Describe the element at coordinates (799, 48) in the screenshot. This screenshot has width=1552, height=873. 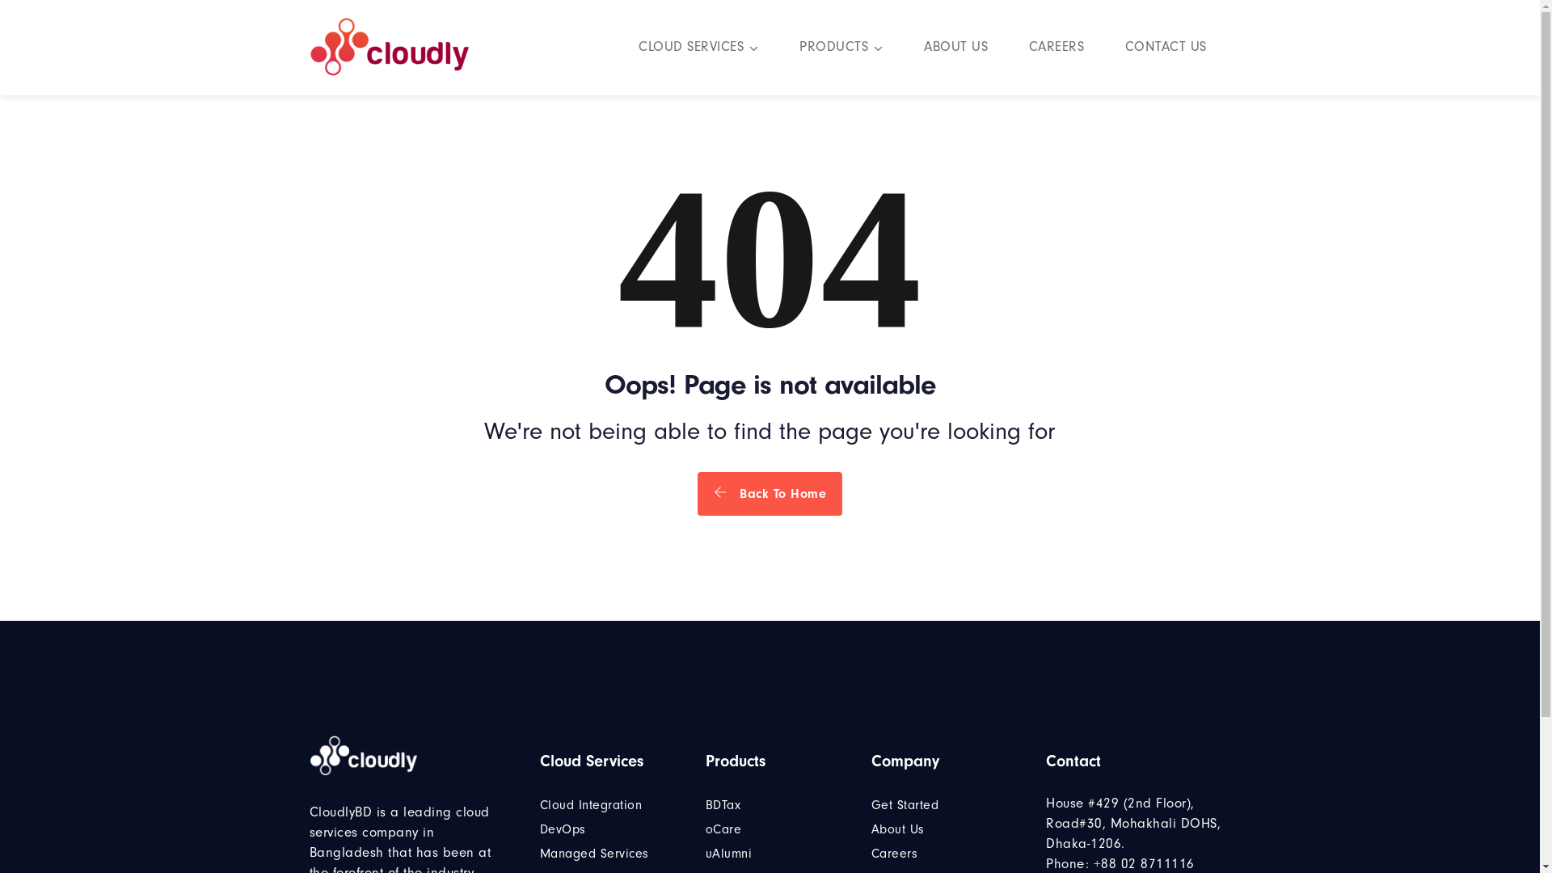
I see `'PRODUCTS'` at that location.